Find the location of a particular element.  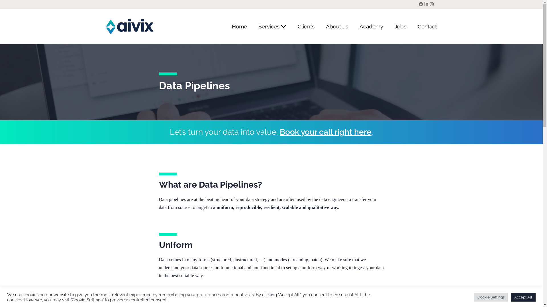

'Cookie Settings' is located at coordinates (474, 297).